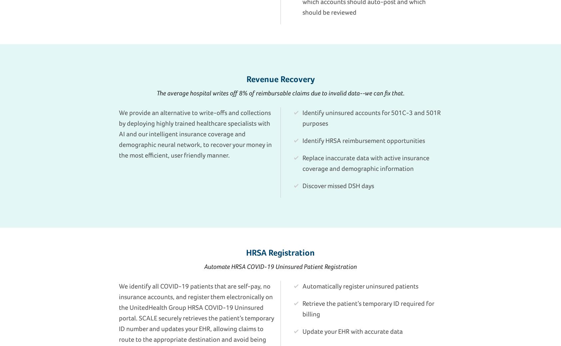  I want to click on 'Revenue Recovery', so click(280, 78).